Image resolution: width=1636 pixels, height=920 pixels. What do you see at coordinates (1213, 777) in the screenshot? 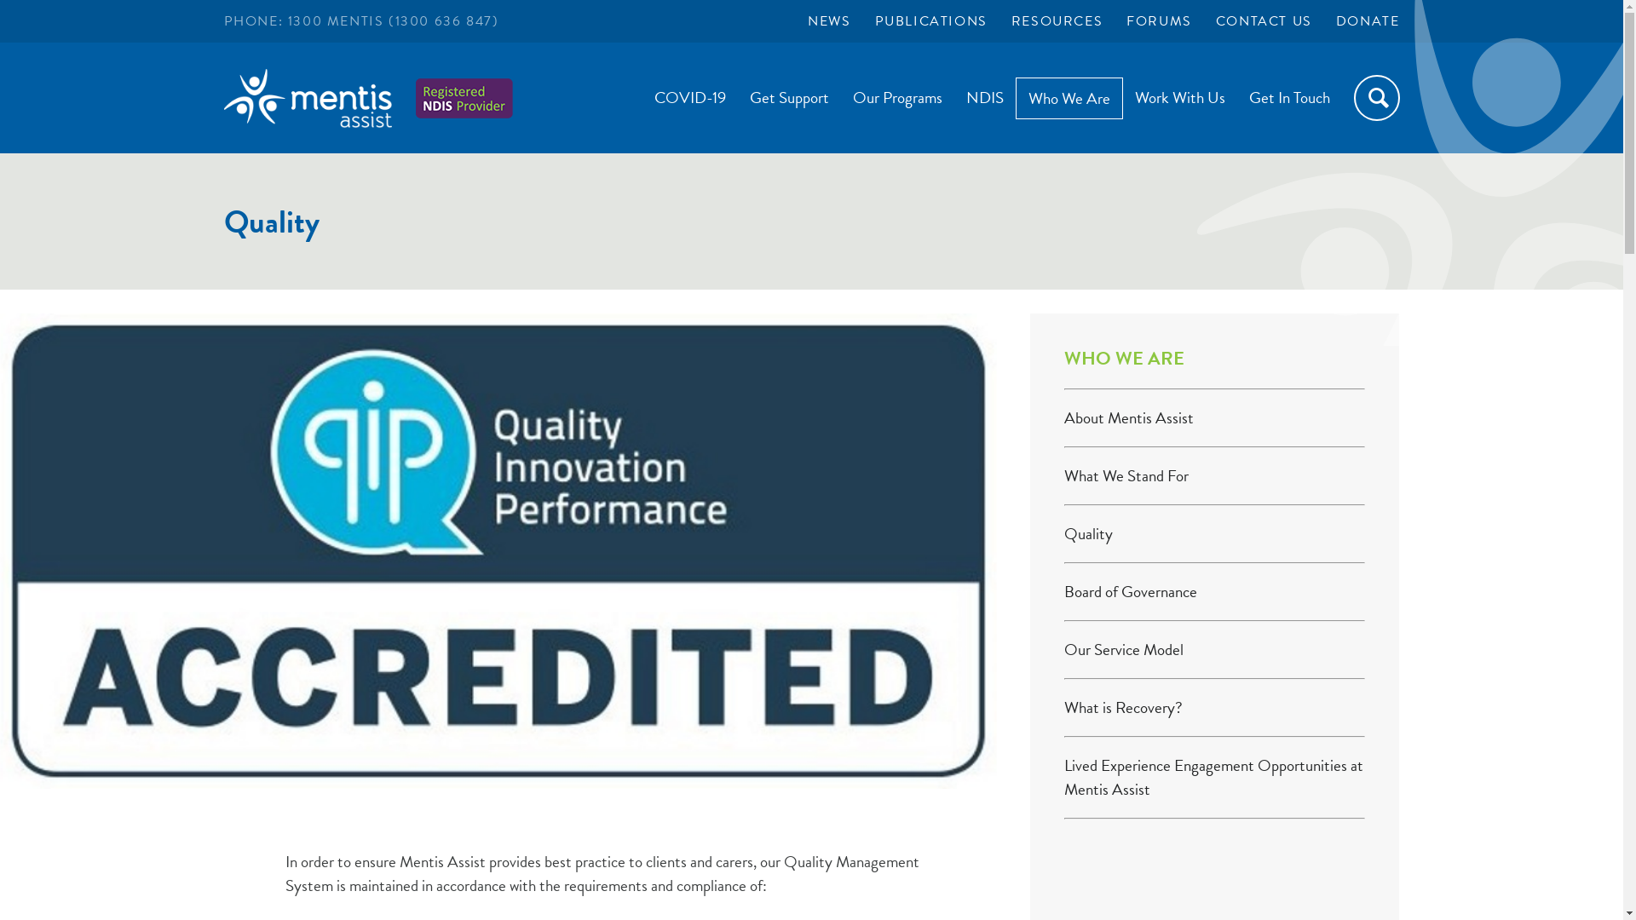
I see `'Lived Experience Engagement Opportunities at Mentis Assist'` at bounding box center [1213, 777].